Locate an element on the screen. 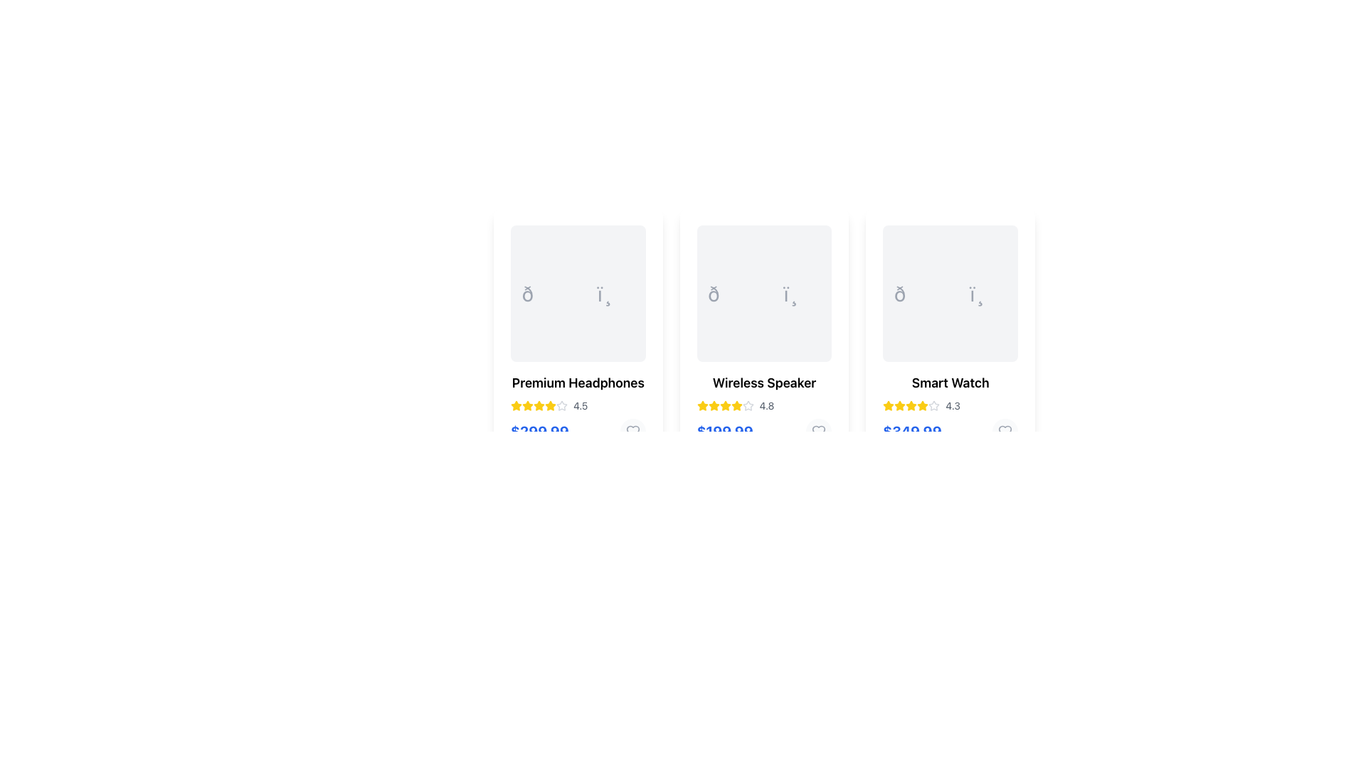 Image resolution: width=1366 pixels, height=768 pixels. the visual representation of the fourth star in the rating system located beneath the 'Smart Watch' label, to the left of the numeric rating '4.3' is located at coordinates (911, 405).